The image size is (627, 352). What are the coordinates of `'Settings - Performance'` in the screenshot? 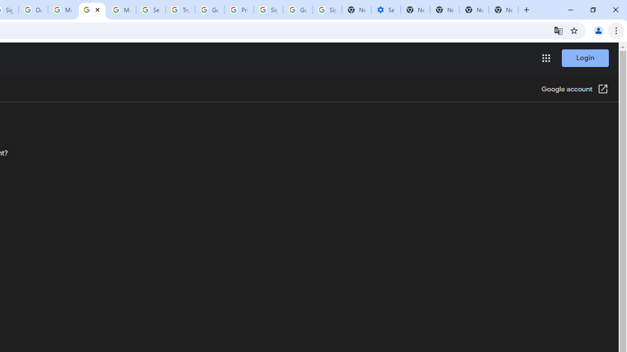 It's located at (385, 10).